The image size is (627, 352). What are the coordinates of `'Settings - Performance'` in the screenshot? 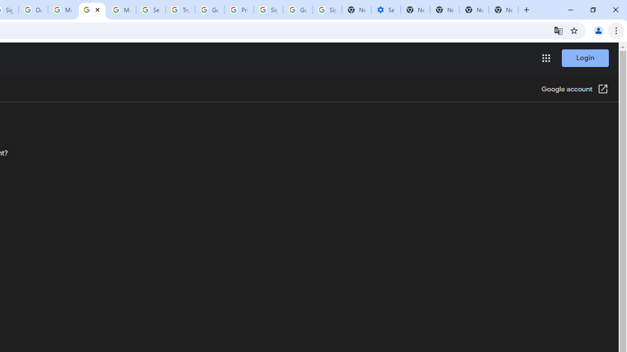 It's located at (385, 10).